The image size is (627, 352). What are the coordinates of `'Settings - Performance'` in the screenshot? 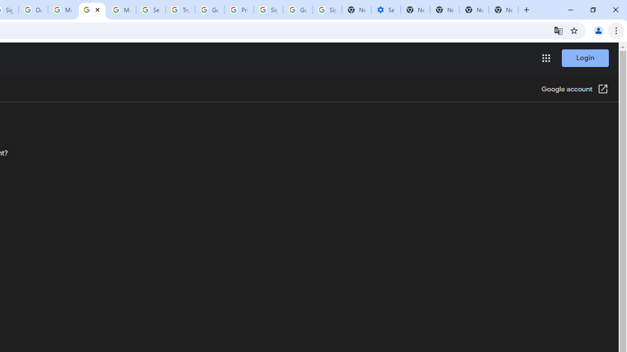 It's located at (385, 10).